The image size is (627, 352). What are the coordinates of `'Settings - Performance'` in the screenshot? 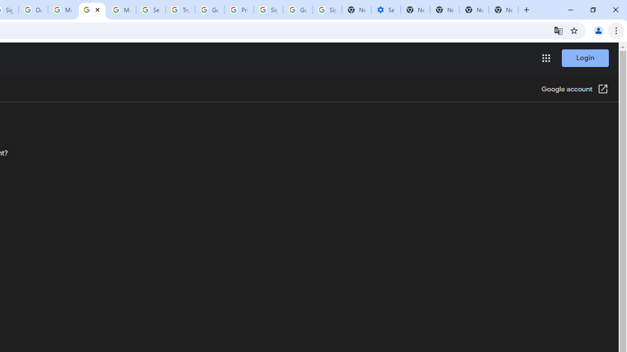 It's located at (385, 10).